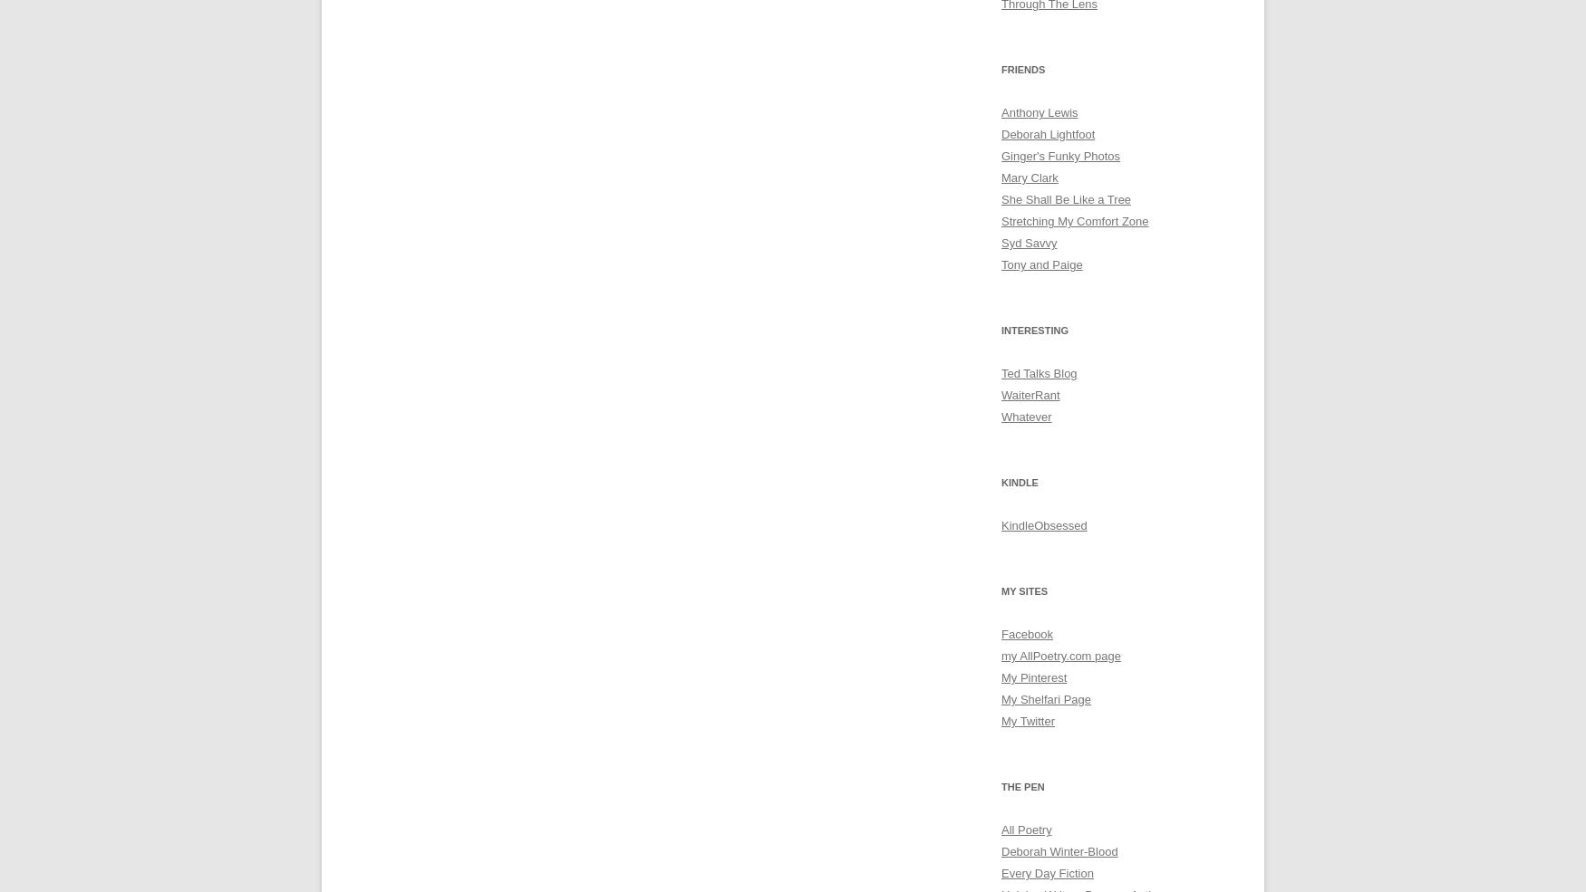 This screenshot has height=892, width=1586. I want to click on 'The Pen', so click(1001, 785).